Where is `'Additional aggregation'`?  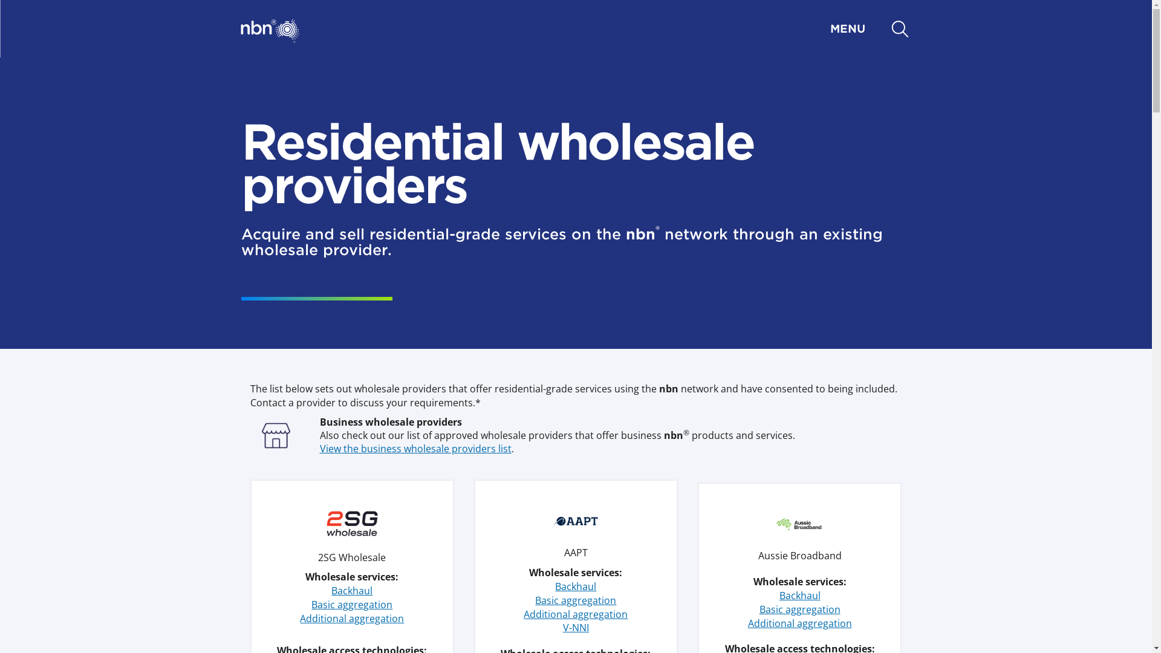
'Additional aggregation' is located at coordinates (574, 614).